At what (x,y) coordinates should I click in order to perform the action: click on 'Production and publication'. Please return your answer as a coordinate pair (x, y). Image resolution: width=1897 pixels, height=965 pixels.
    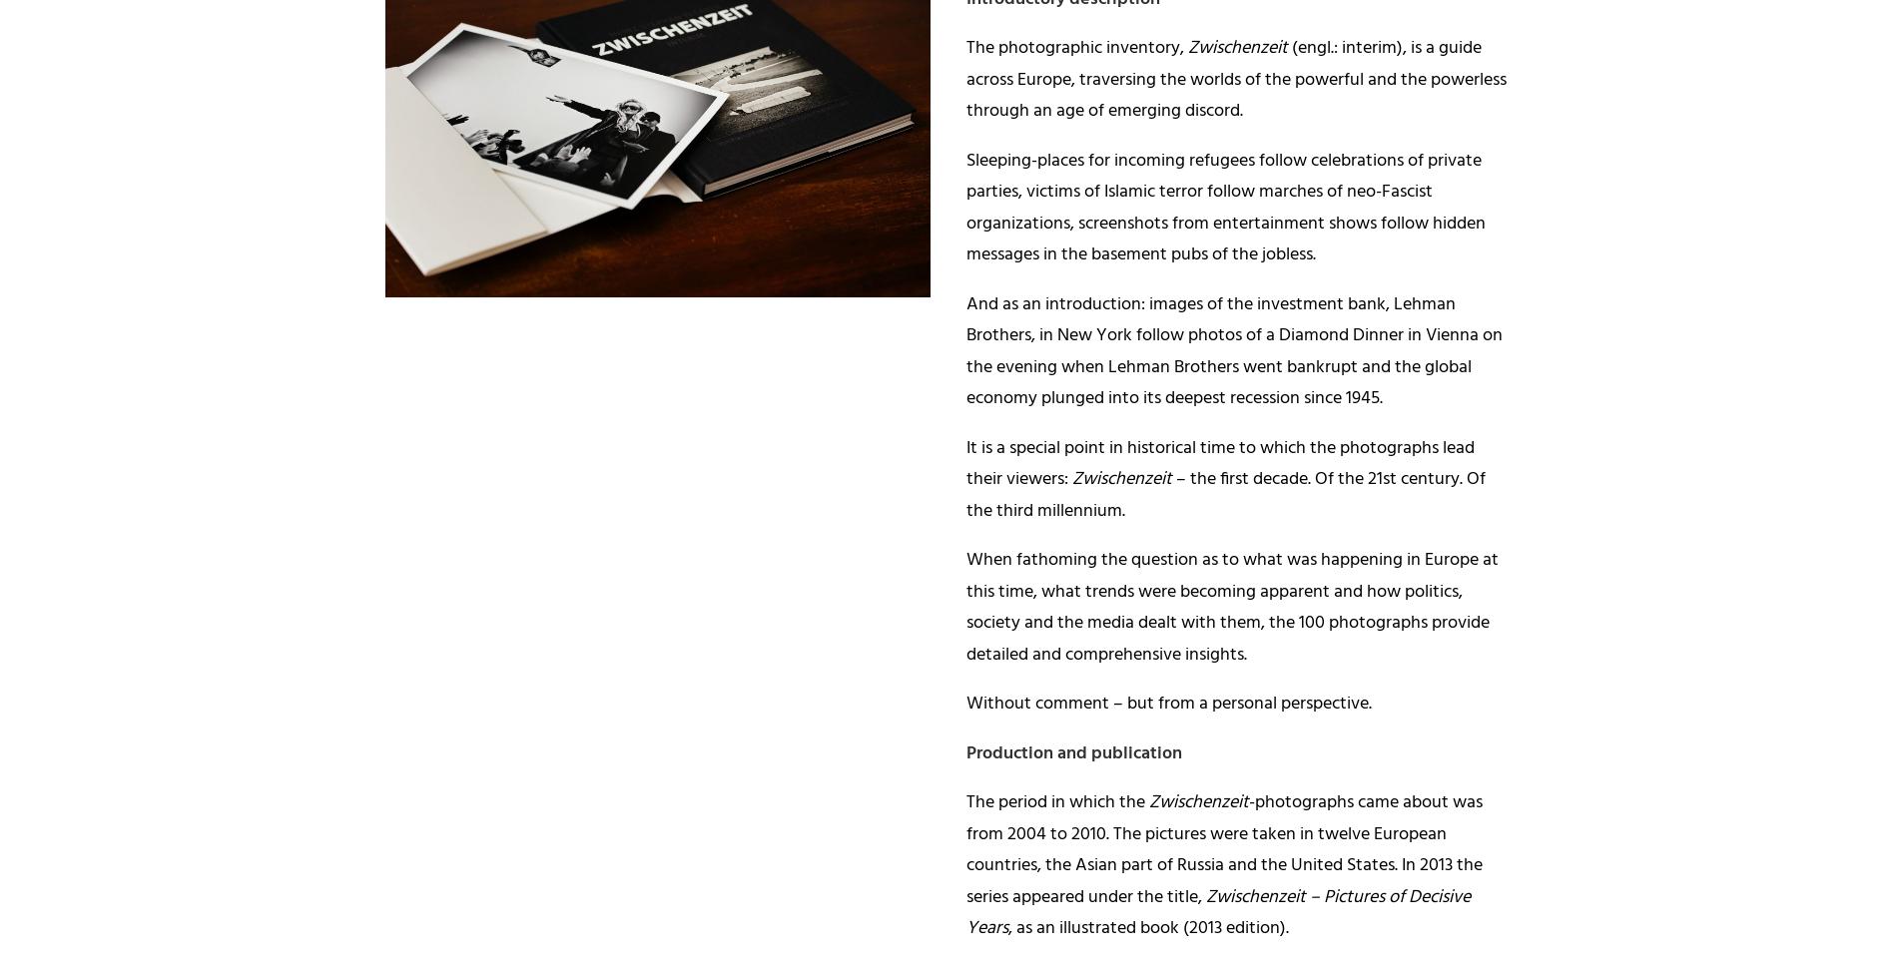
    Looking at the image, I should click on (1073, 752).